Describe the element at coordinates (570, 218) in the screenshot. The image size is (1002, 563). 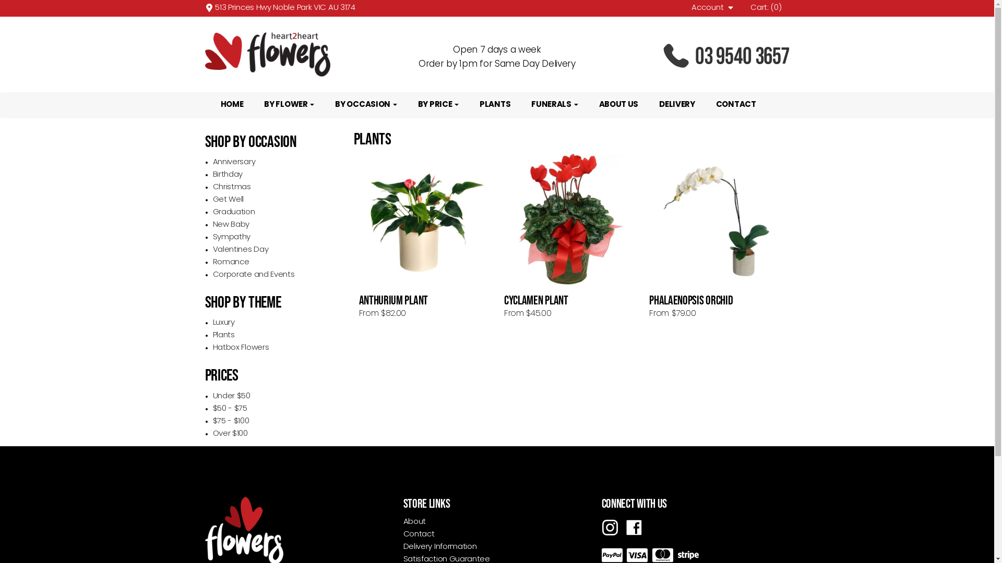
I see `'Cyclamen Plant'` at that location.